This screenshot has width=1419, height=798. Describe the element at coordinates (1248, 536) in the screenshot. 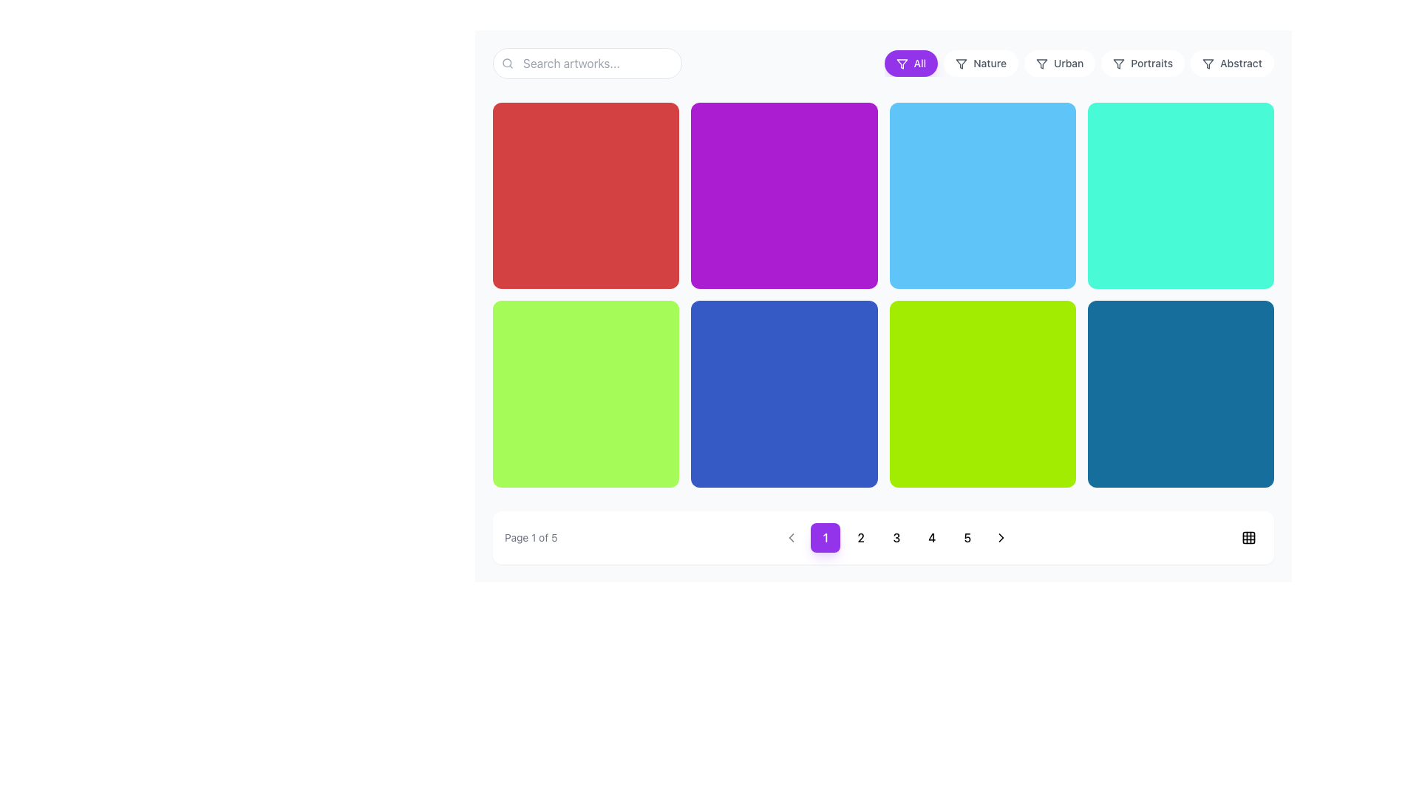

I see `the compact square button with a grid icon at the bottom-right corner of the pagination section` at that location.